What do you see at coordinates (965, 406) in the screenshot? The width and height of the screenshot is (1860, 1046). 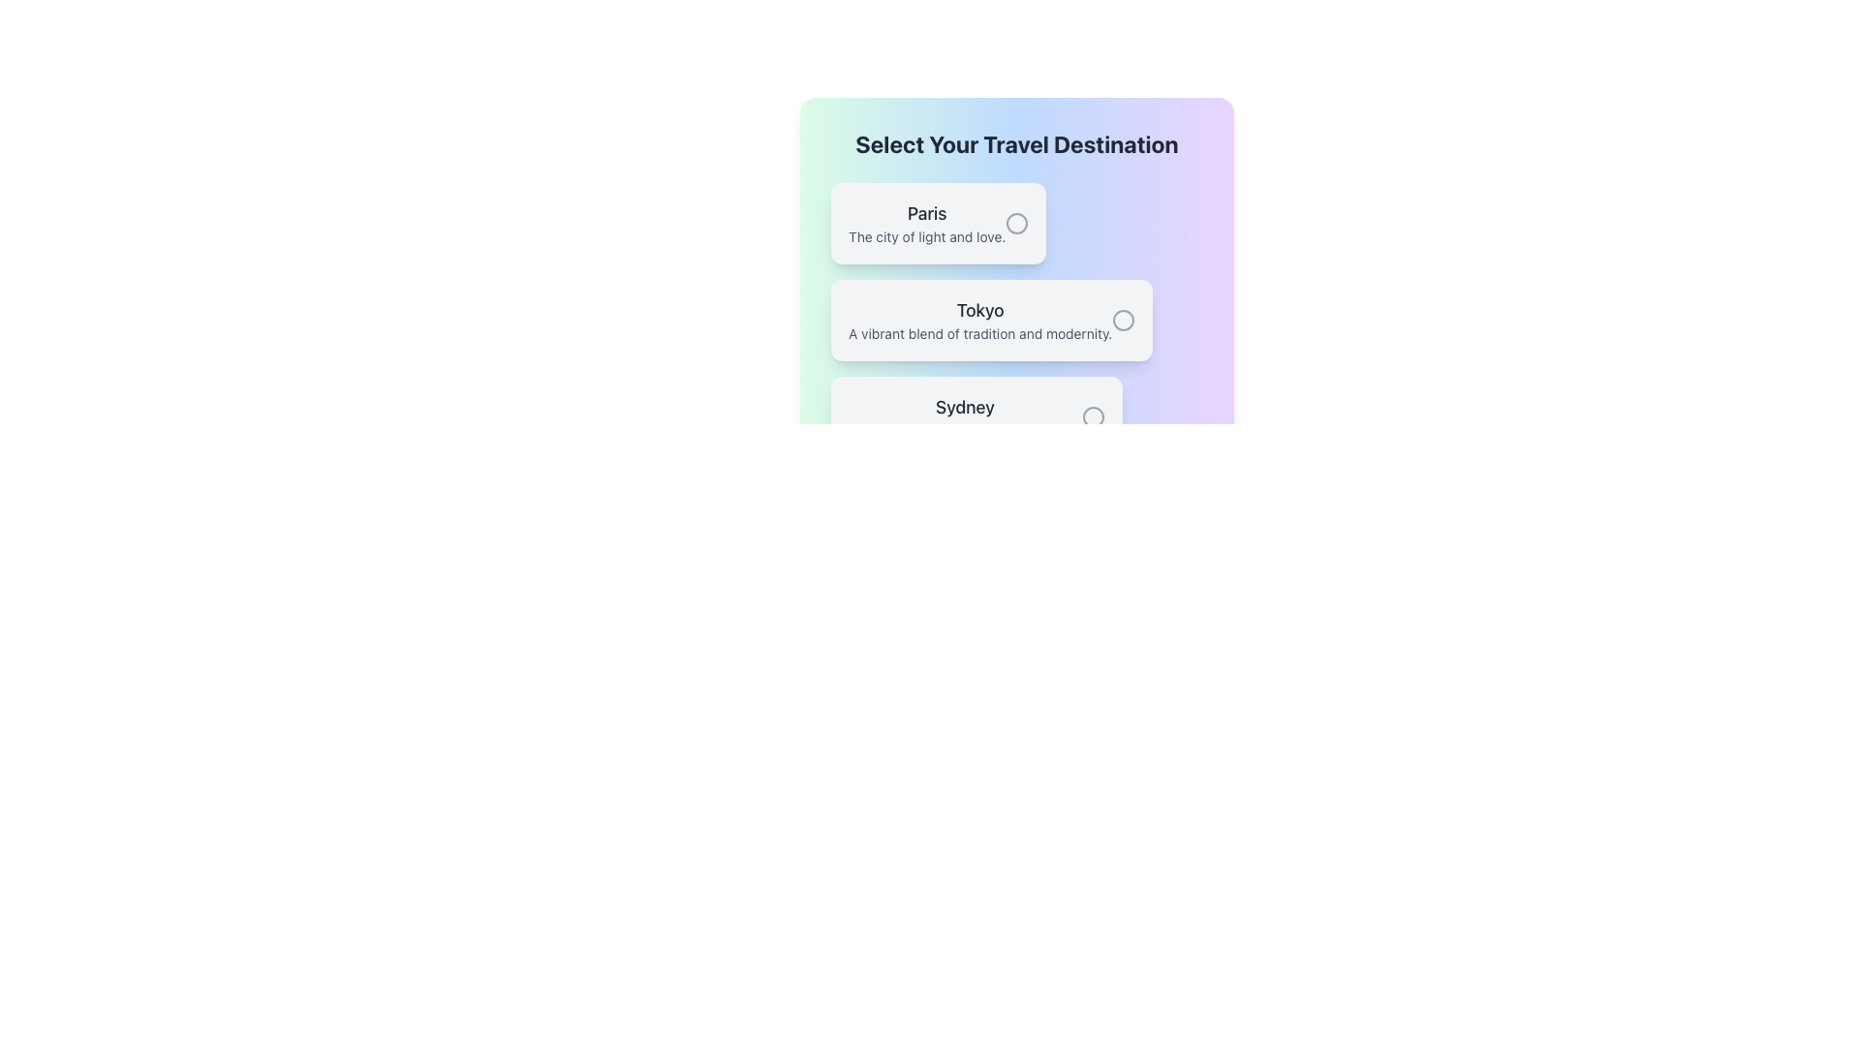 I see `the text element displaying 'Sydney', which is styled with a larger font and medium weight, located in the third position of a vertical list of destination options` at bounding box center [965, 406].